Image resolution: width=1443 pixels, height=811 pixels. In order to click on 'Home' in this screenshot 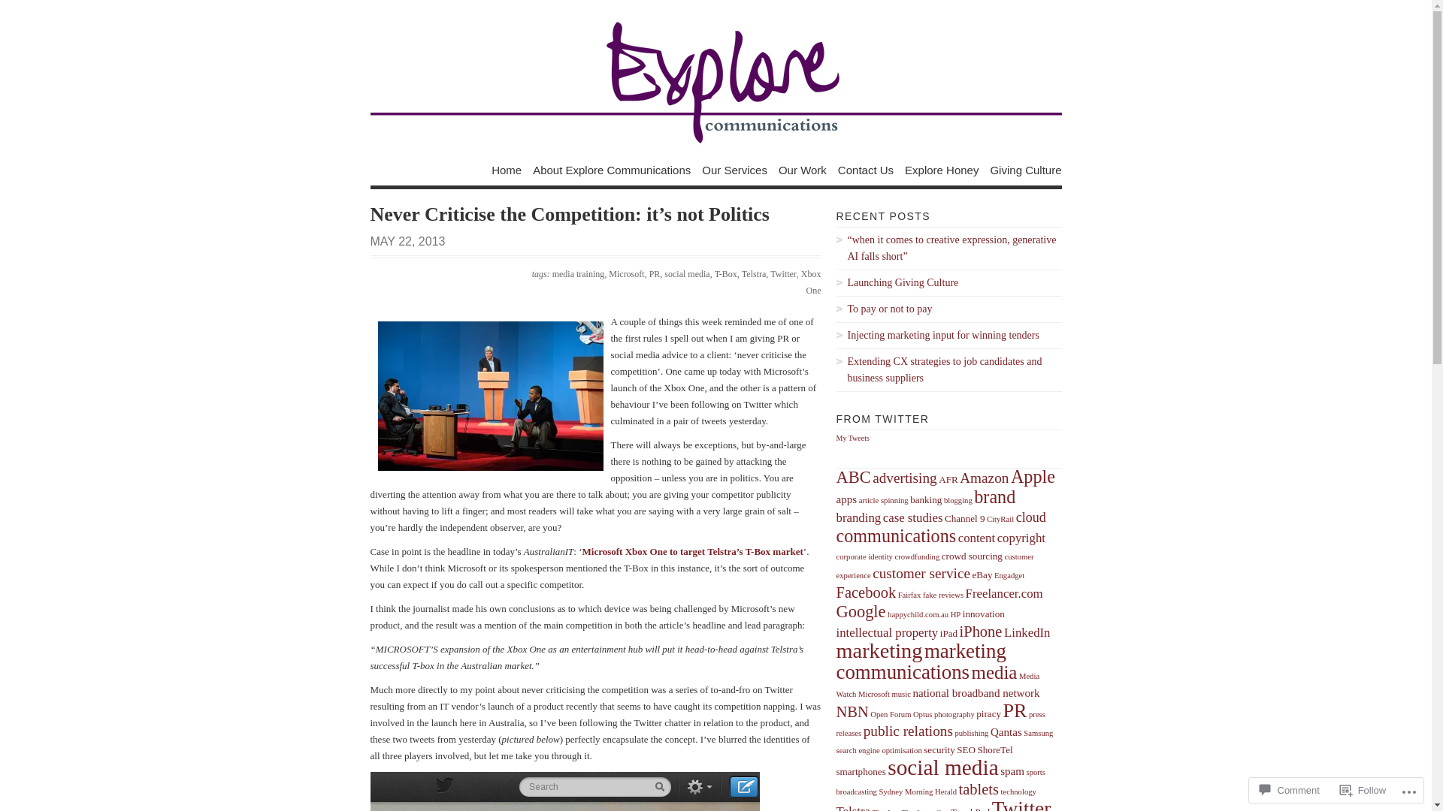, I will do `click(506, 169)`.